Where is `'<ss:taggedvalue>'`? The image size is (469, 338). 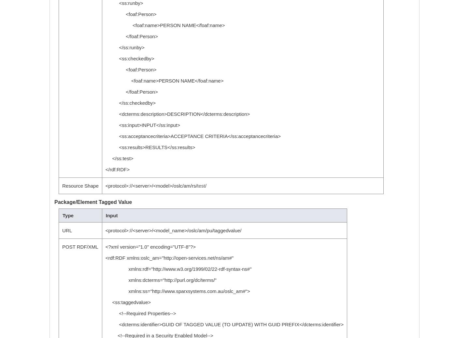
'<ss:taggedvalue>' is located at coordinates (127, 302).